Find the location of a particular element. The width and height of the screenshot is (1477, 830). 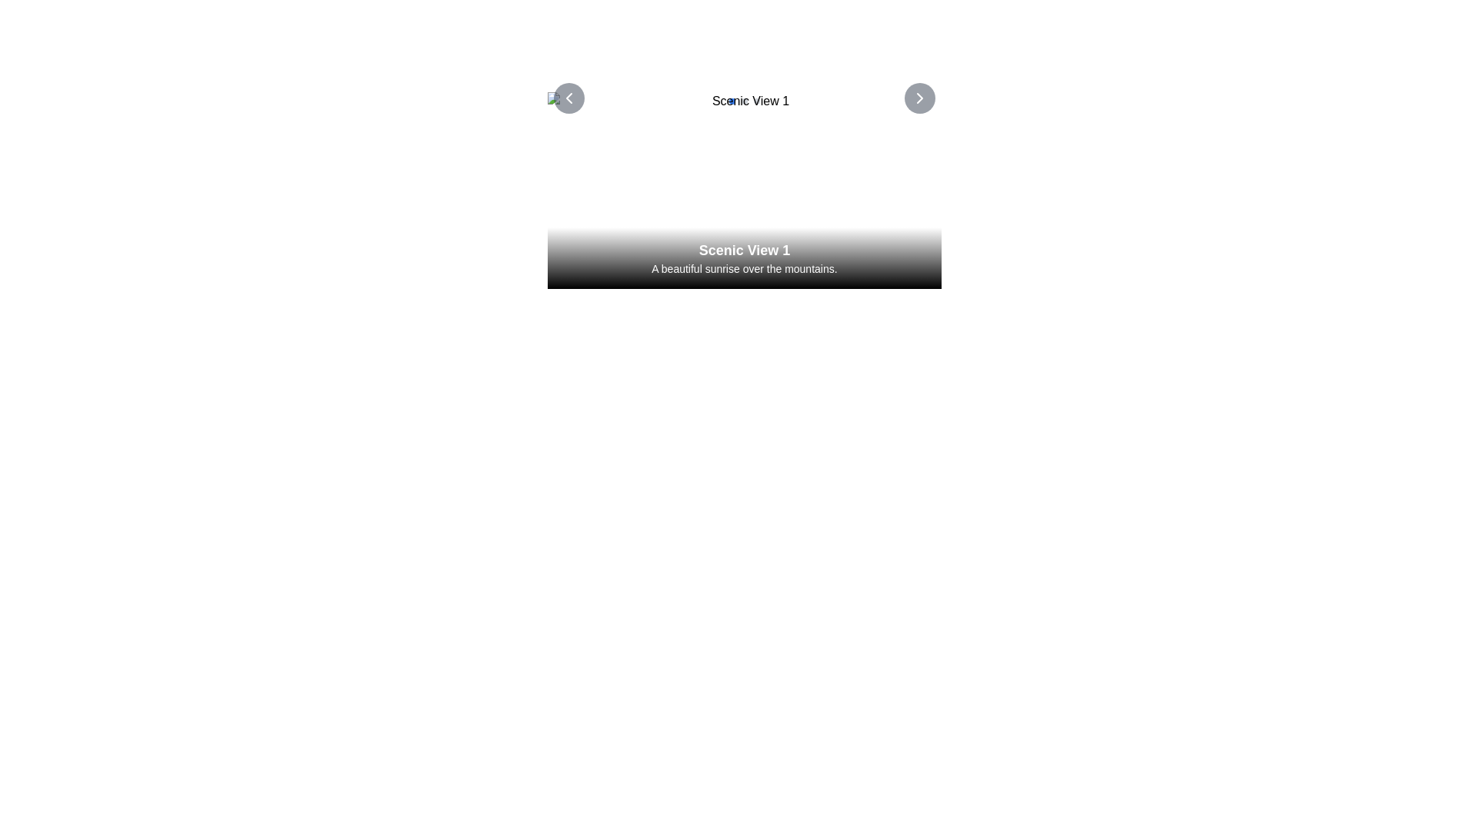

the image area of the scenic image with descriptive overlay located at the top of the page, which serves an informational or promotional purpose is located at coordinates (745, 189).